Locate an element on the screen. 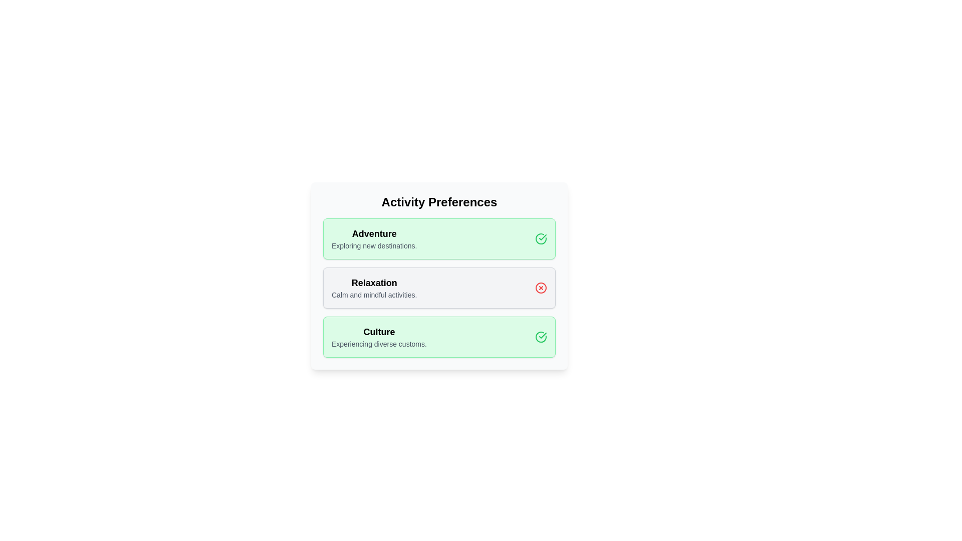  the chip labeled 'Culture' is located at coordinates (439, 337).